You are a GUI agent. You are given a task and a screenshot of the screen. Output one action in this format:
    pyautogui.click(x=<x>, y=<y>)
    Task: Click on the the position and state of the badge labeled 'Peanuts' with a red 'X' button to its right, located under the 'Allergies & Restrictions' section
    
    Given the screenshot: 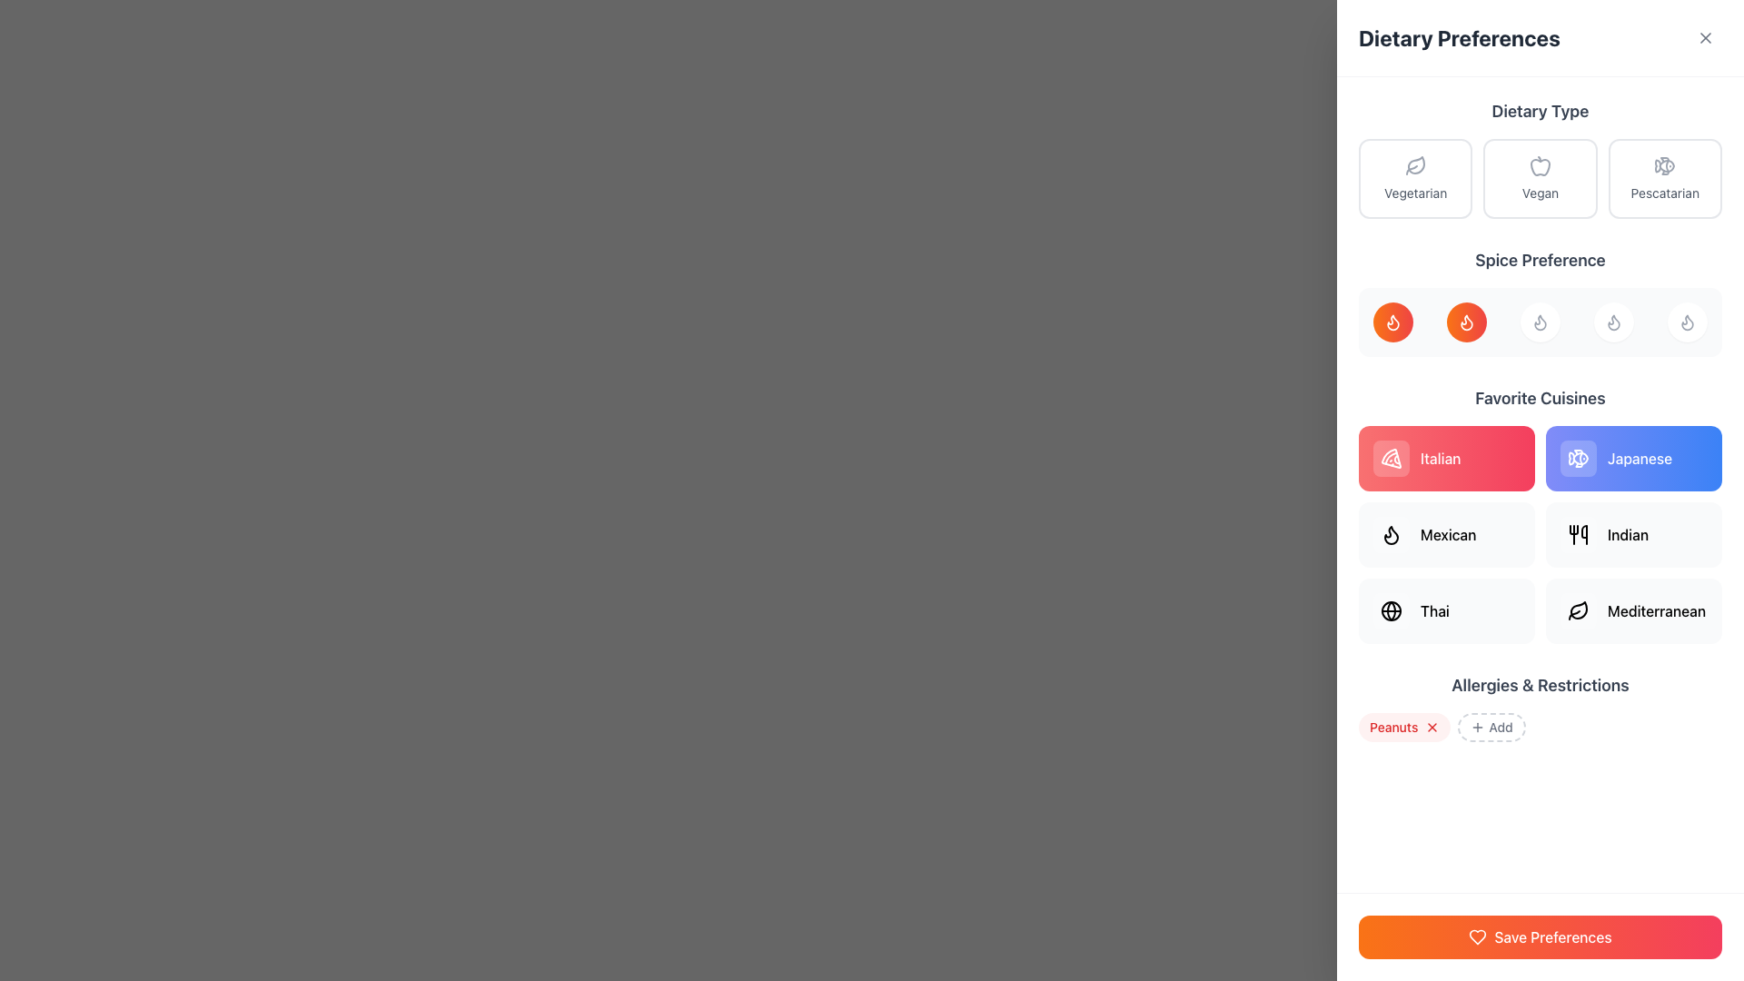 What is the action you would take?
    pyautogui.click(x=1403, y=727)
    